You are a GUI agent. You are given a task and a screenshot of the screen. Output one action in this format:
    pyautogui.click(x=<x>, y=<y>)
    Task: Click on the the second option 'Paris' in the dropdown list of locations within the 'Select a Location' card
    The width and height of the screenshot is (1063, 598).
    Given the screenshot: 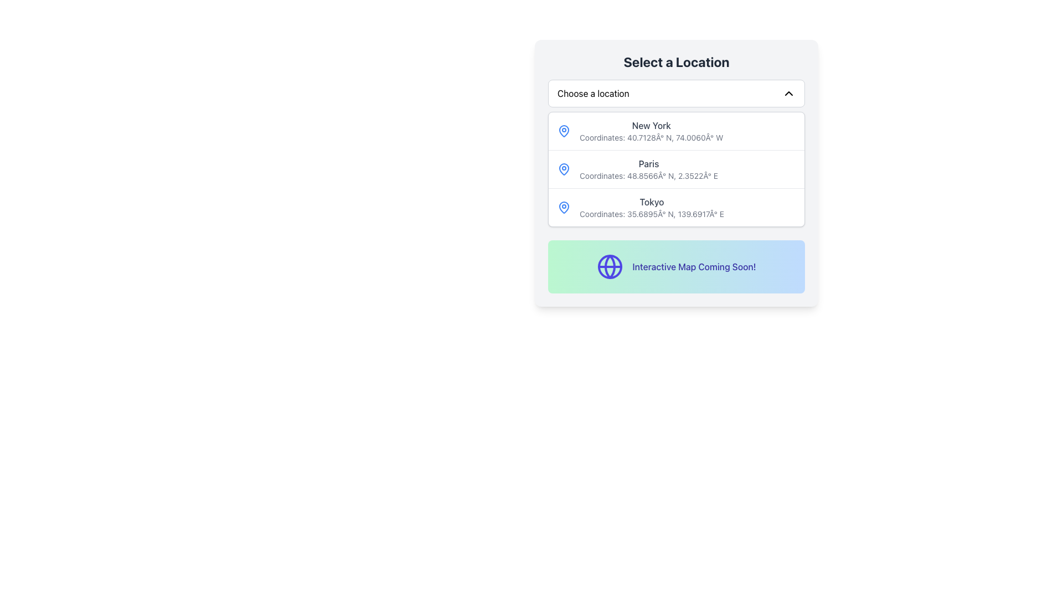 What is the action you would take?
    pyautogui.click(x=676, y=168)
    